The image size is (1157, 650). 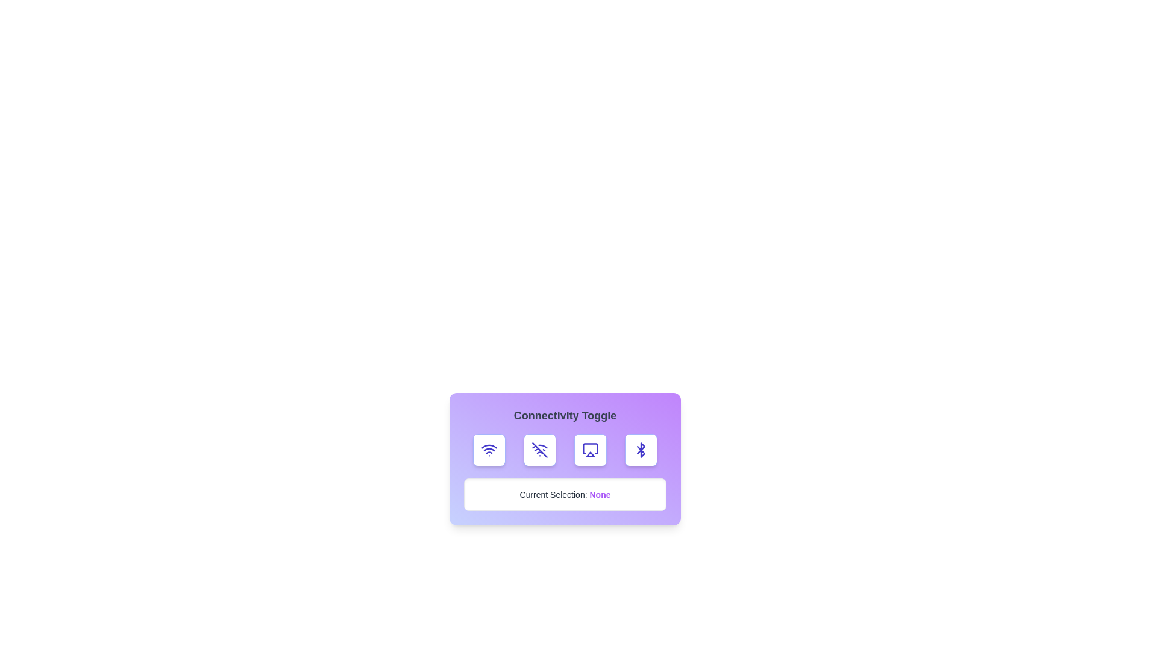 What do you see at coordinates (489, 450) in the screenshot?
I see `the connectivity option Wifi by clicking its corresponding button` at bounding box center [489, 450].